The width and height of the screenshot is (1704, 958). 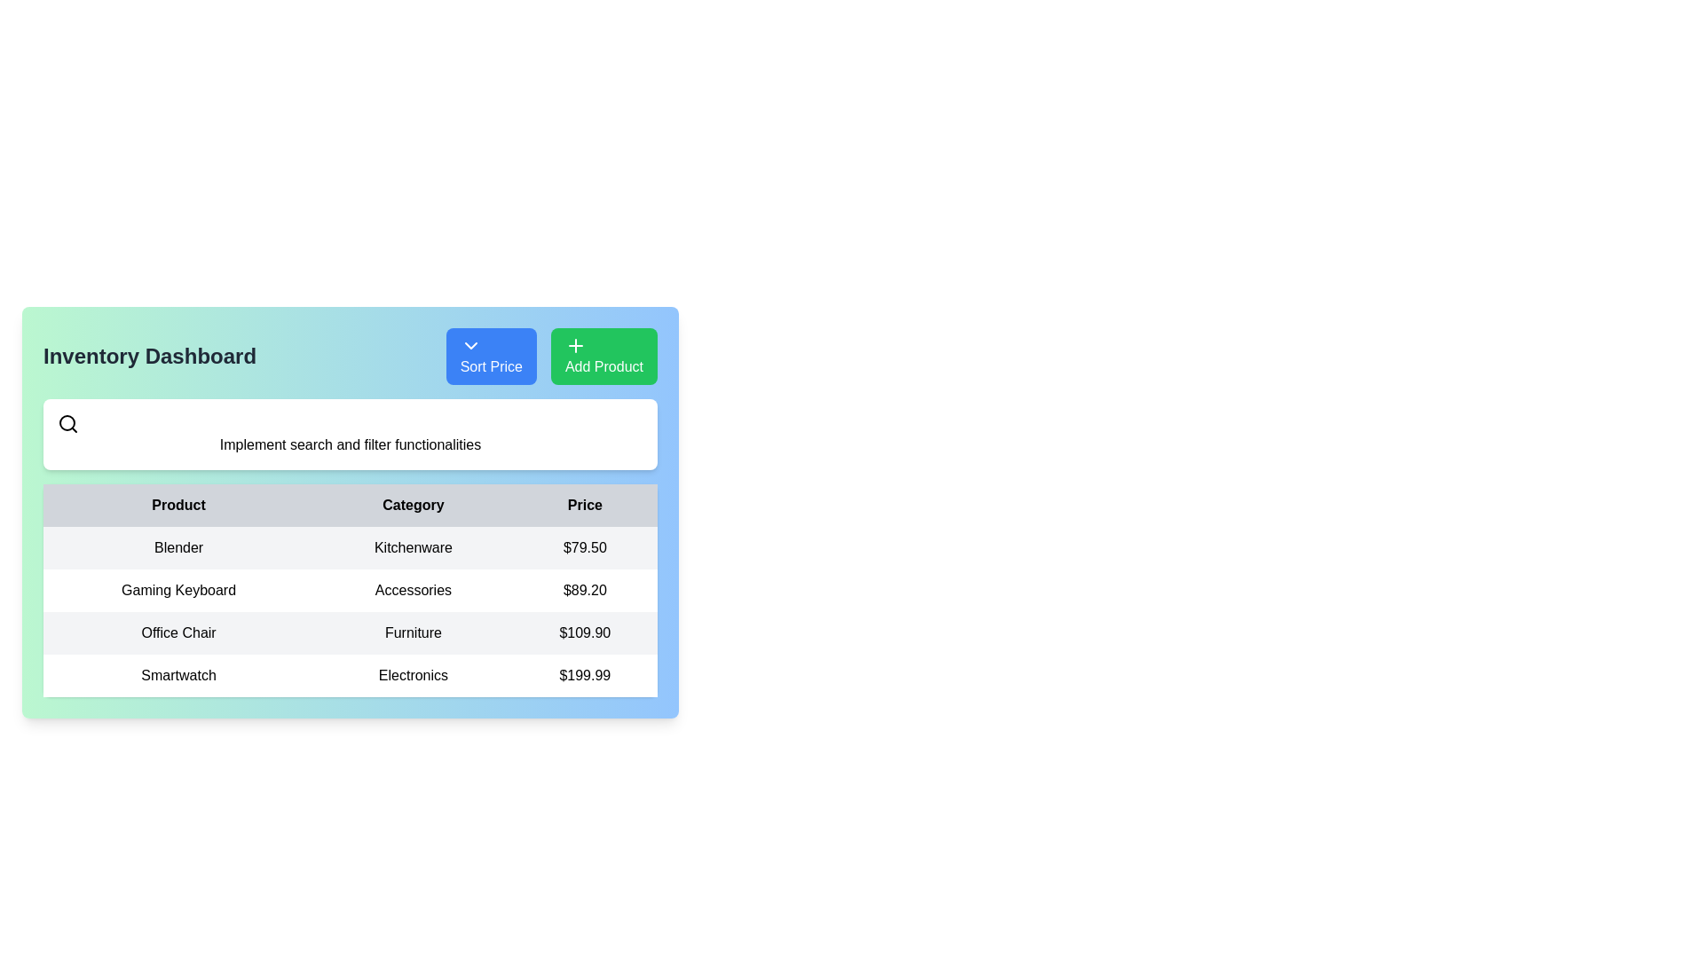 I want to click on the static text label in the 'Category' column of the second row in the table, which specifies the product classification, so click(x=412, y=591).